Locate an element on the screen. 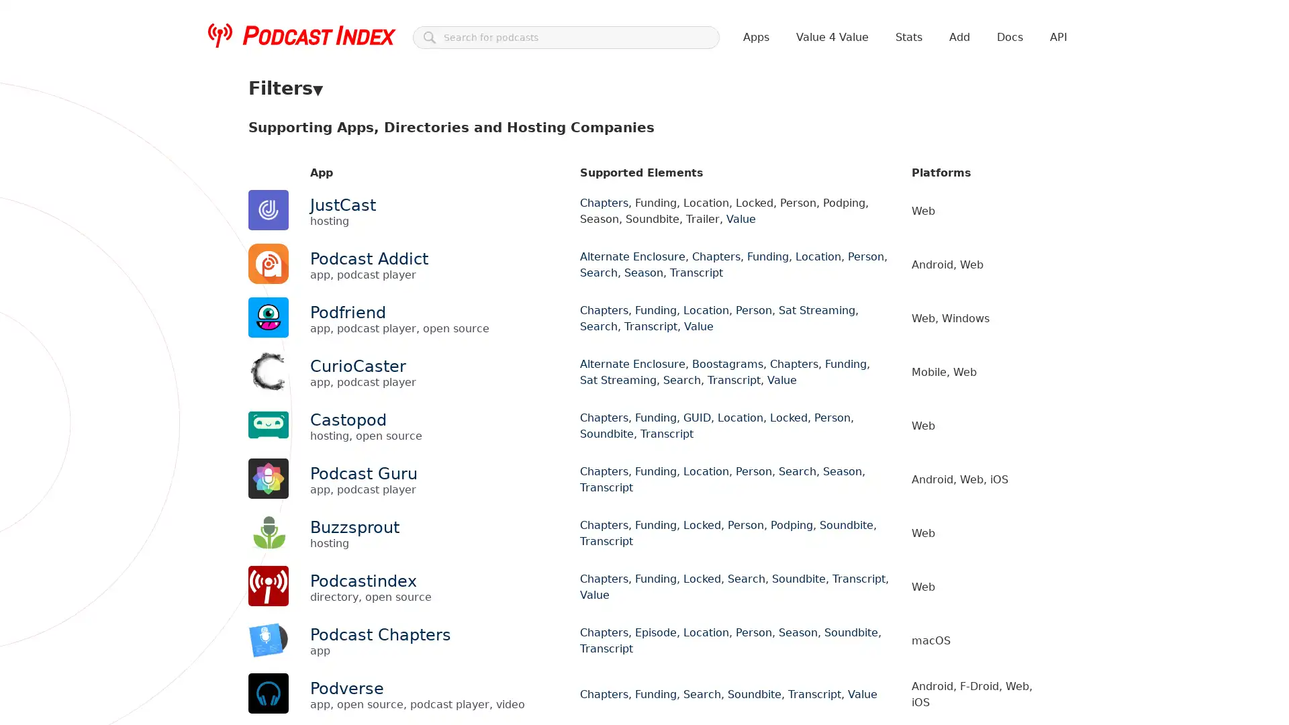 This screenshot has height=725, width=1289. Clear is located at coordinates (267, 130).